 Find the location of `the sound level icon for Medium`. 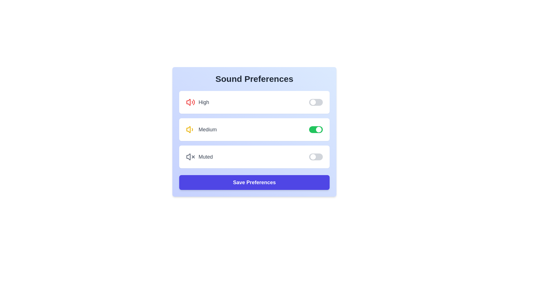

the sound level icon for Medium is located at coordinates (190, 129).